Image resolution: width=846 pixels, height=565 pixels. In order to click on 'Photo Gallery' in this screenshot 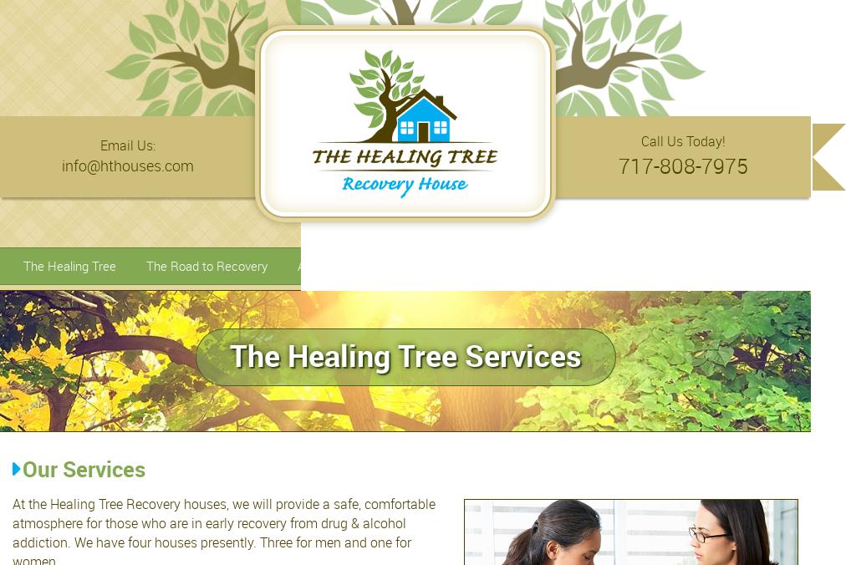, I will do `click(581, 265)`.